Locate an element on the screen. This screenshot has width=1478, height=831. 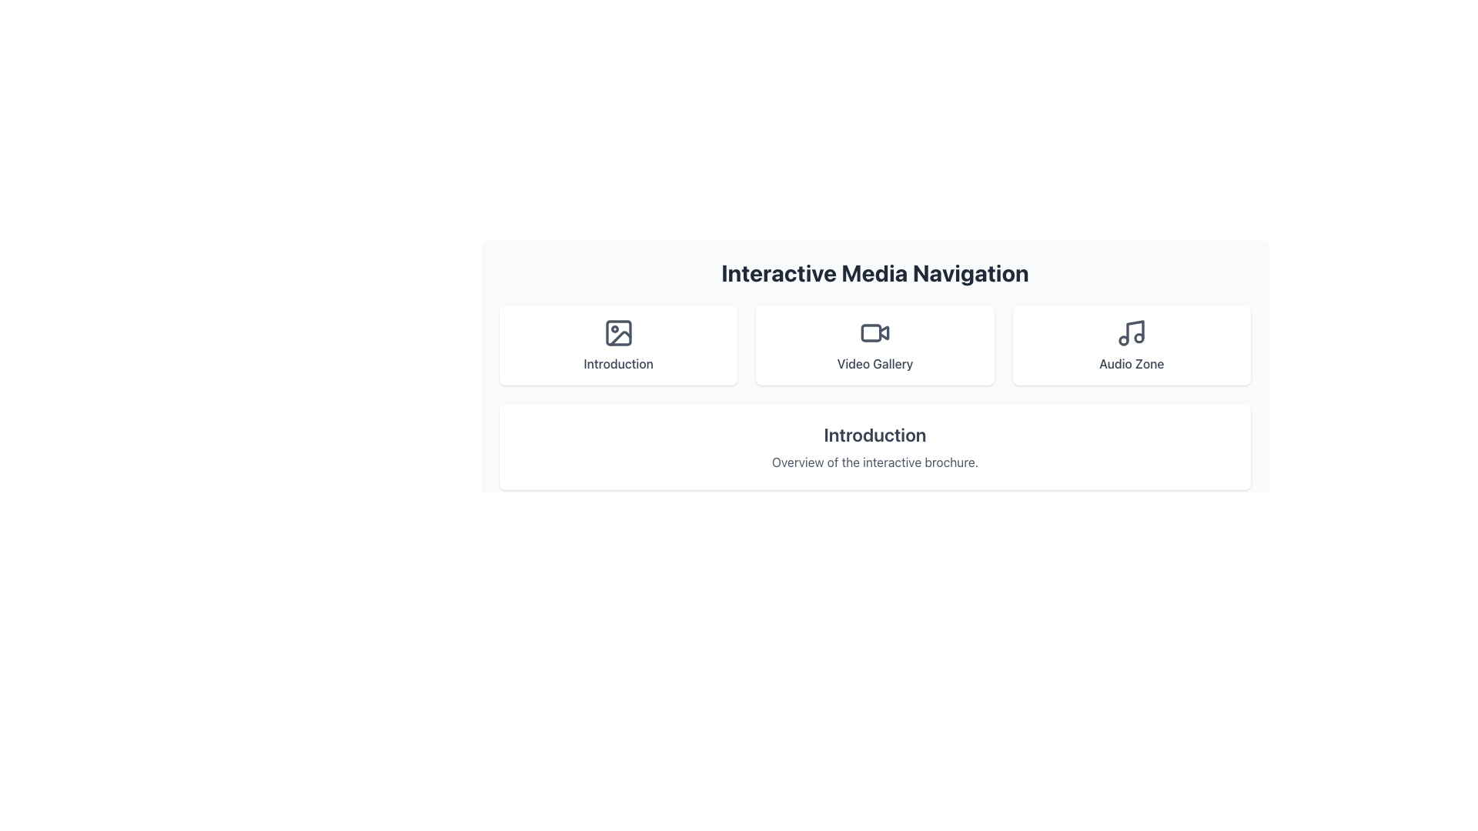
the small circular icon located near the bottom left of the musical note icon in the 'Audio Zone' navigation button is located at coordinates (1124, 340).